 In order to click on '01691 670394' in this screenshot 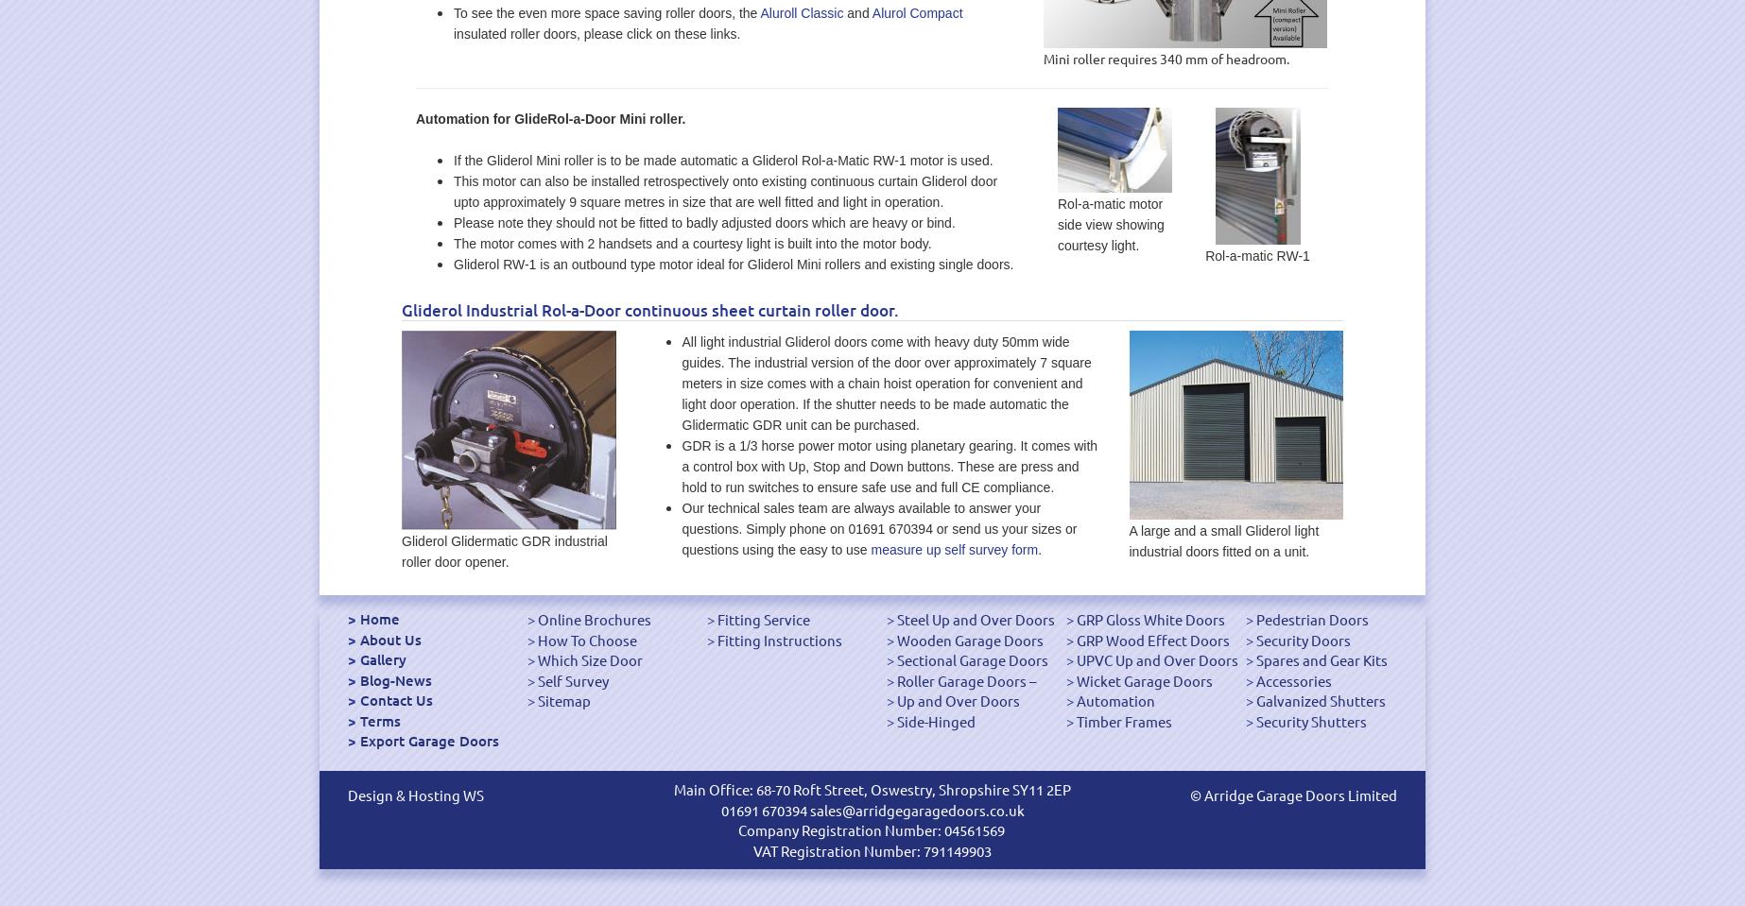, I will do `click(763, 808)`.